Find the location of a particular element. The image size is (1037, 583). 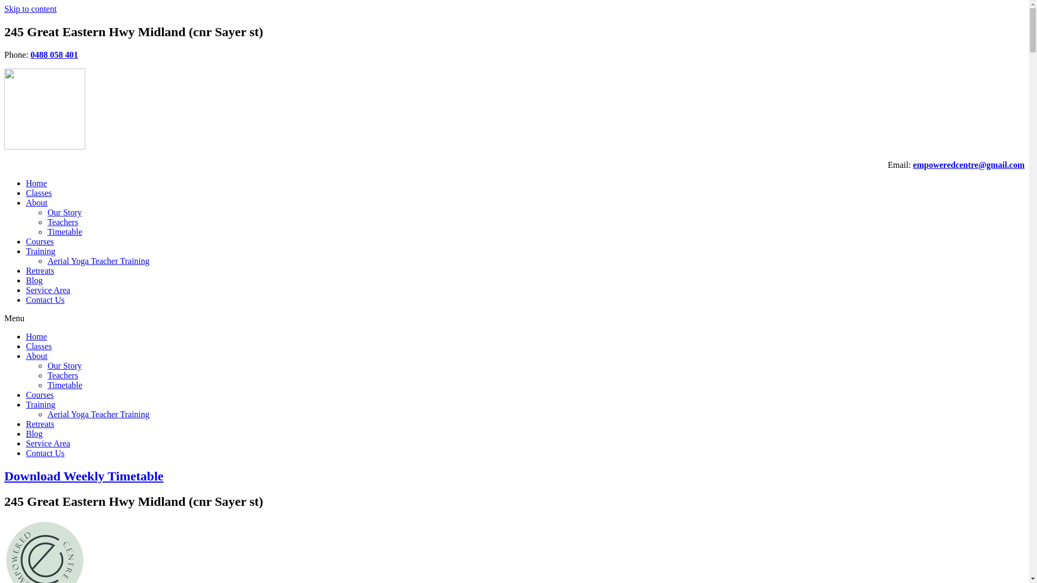

'Skip to content' is located at coordinates (30, 9).